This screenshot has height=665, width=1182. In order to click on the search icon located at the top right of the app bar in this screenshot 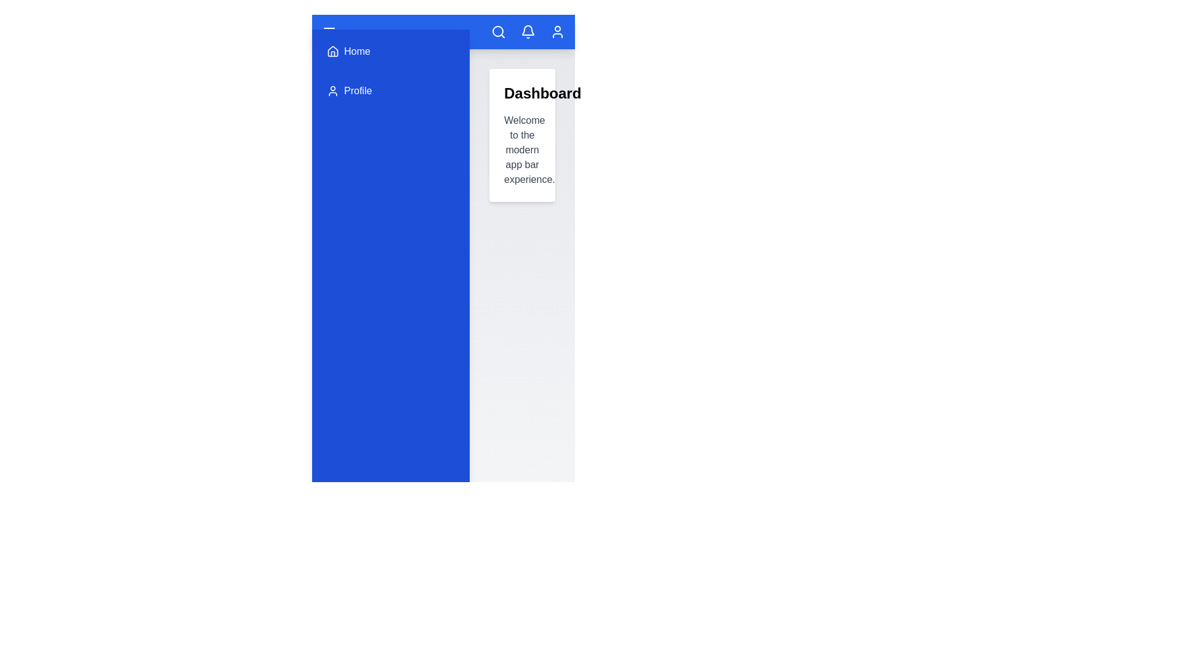, I will do `click(499, 31)`.